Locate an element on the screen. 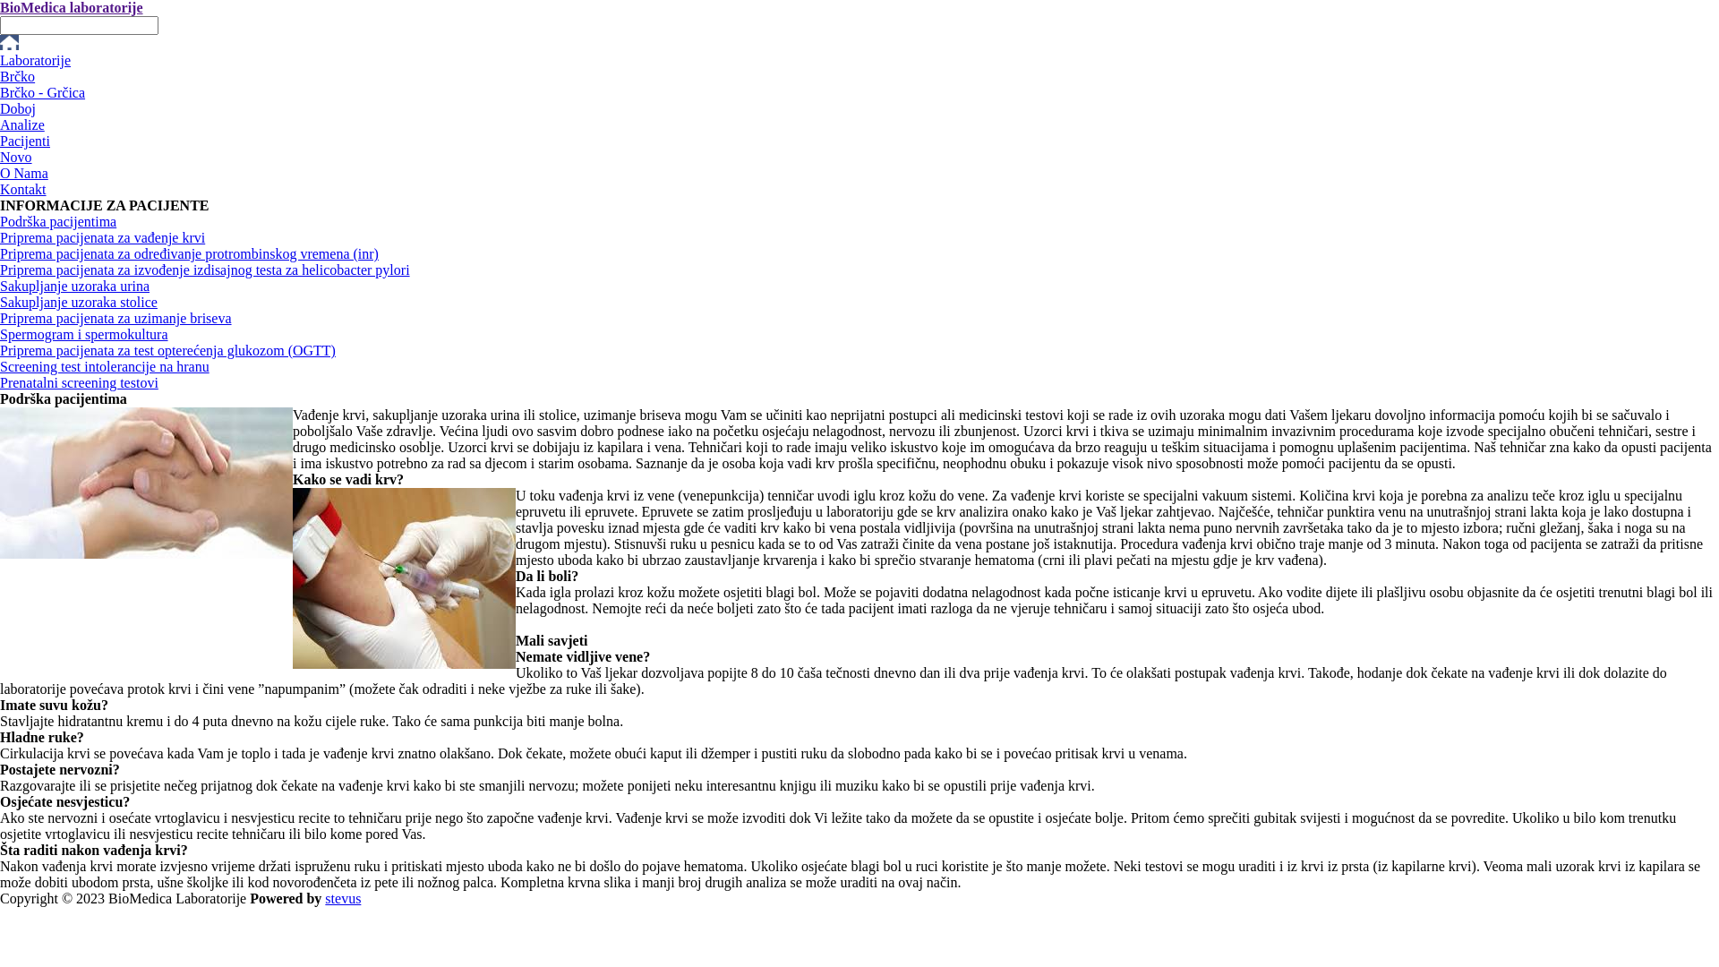 The width and height of the screenshot is (1719, 967). 'O Nama' is located at coordinates (24, 173).